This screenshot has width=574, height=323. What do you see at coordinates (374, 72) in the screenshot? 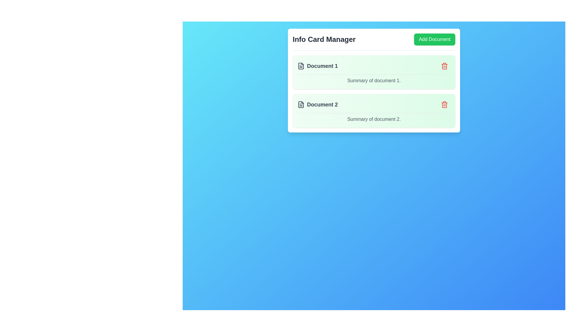
I see `summary of the document displayed in the first Information card within the Info Card Manager` at bounding box center [374, 72].